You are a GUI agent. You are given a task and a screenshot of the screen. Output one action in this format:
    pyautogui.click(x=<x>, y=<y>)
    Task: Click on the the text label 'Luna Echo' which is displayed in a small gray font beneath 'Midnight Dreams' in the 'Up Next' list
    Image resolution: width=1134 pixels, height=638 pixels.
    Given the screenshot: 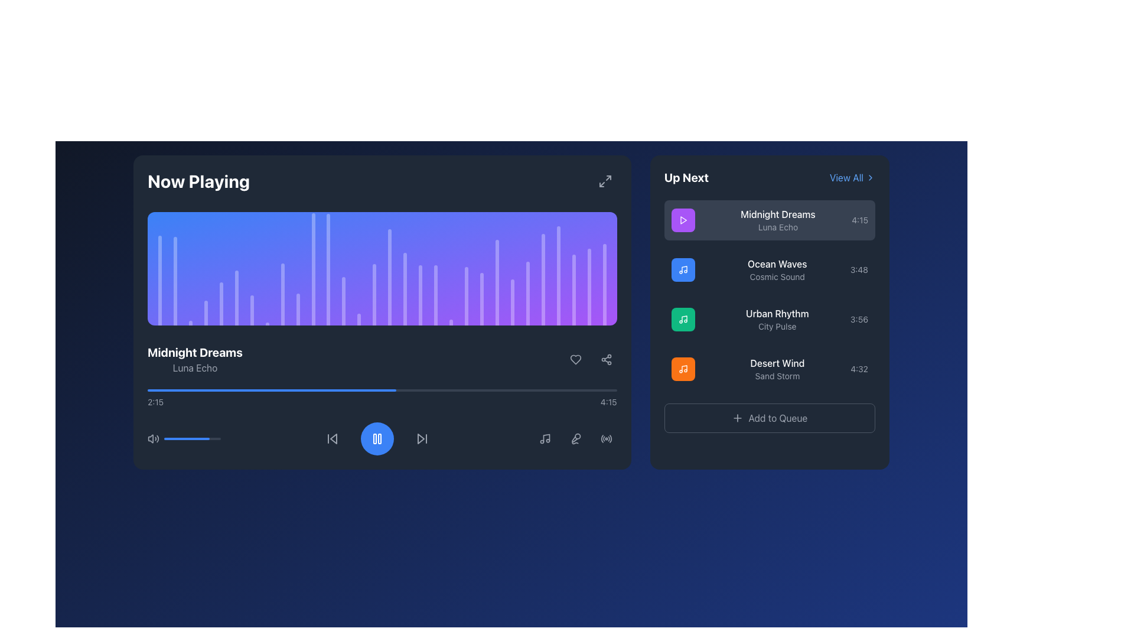 What is the action you would take?
    pyautogui.click(x=778, y=227)
    